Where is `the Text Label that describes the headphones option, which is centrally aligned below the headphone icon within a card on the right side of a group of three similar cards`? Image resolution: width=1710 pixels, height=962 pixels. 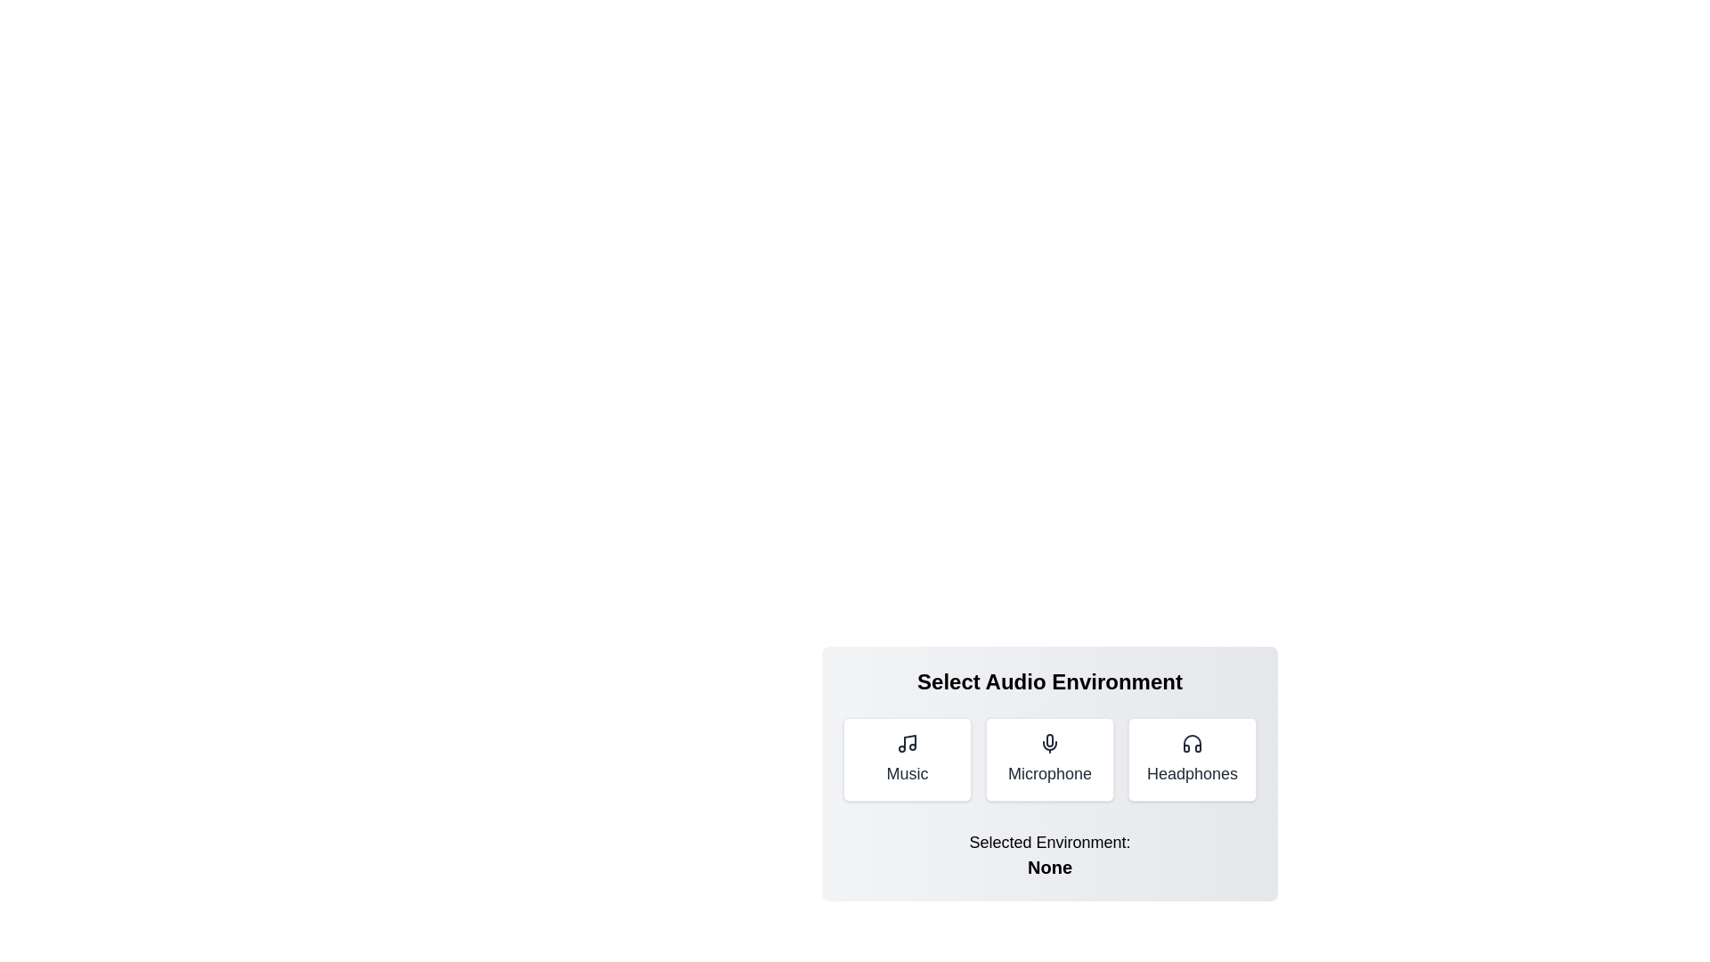
the Text Label that describes the headphones option, which is centrally aligned below the headphone icon within a card on the right side of a group of three similar cards is located at coordinates (1193, 772).